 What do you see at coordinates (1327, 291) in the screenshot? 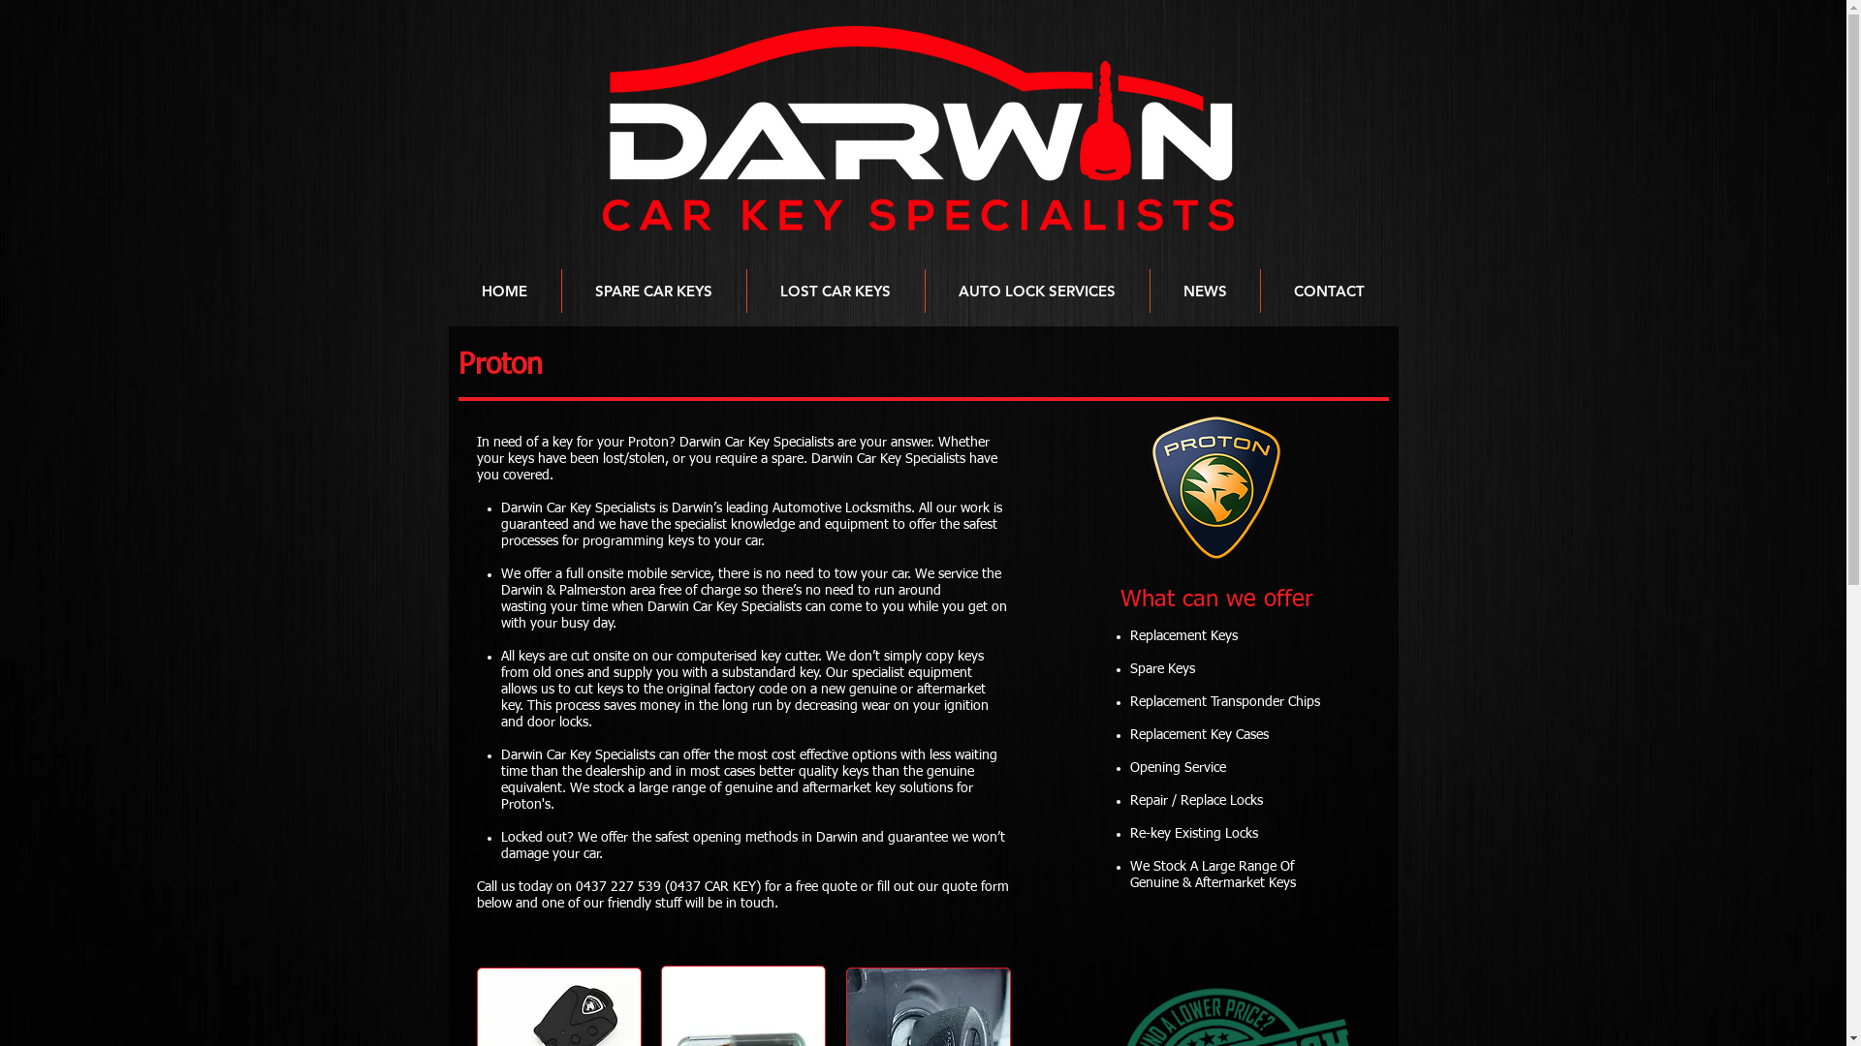
I see `'CONTACT'` at bounding box center [1327, 291].